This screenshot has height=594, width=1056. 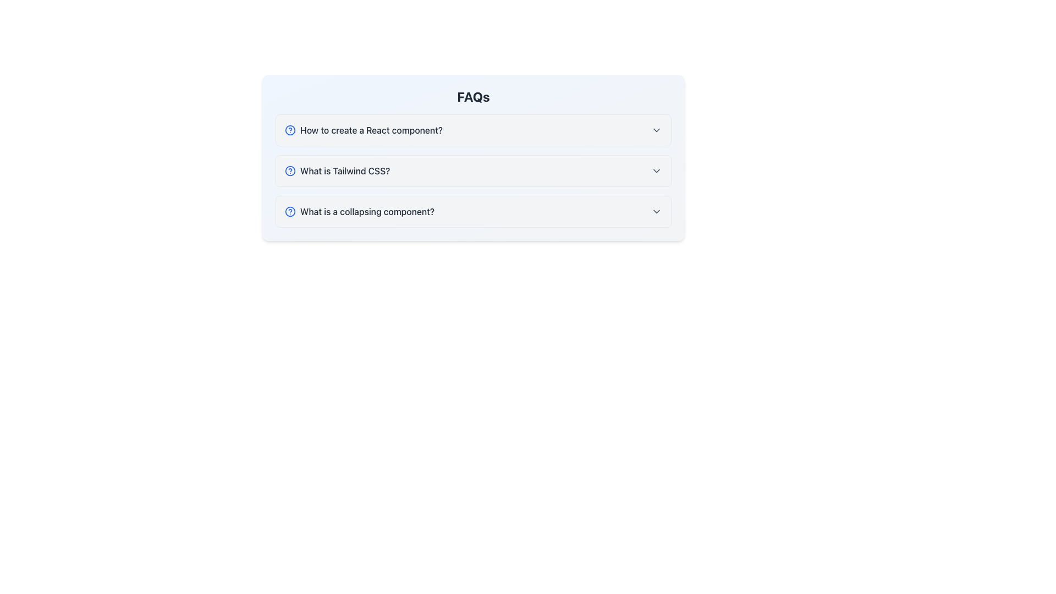 What do you see at coordinates (473, 171) in the screenshot?
I see `the second question in the FAQ section` at bounding box center [473, 171].